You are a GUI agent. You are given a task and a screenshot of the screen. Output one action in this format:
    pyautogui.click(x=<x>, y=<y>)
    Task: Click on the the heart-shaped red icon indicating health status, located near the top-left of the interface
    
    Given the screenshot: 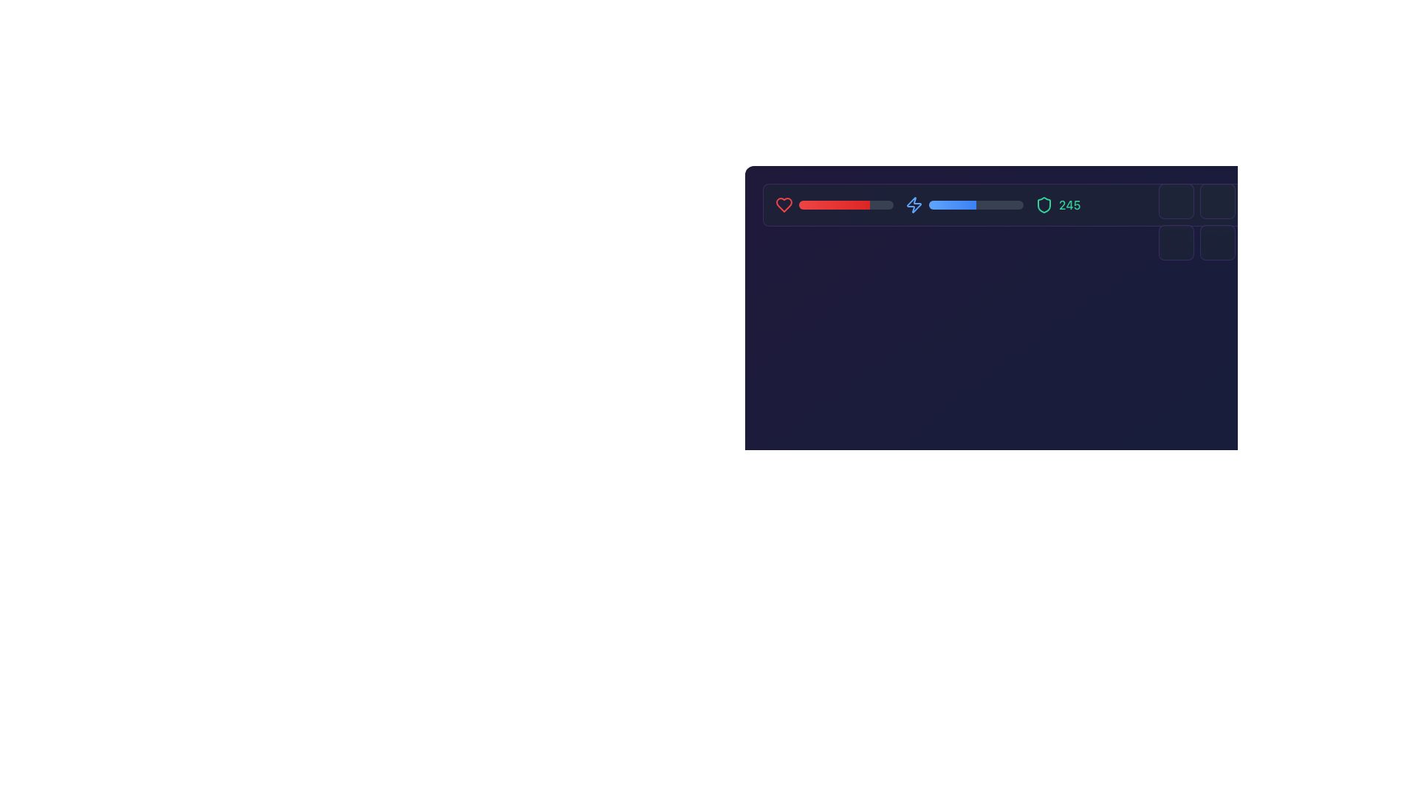 What is the action you would take?
    pyautogui.click(x=783, y=204)
    